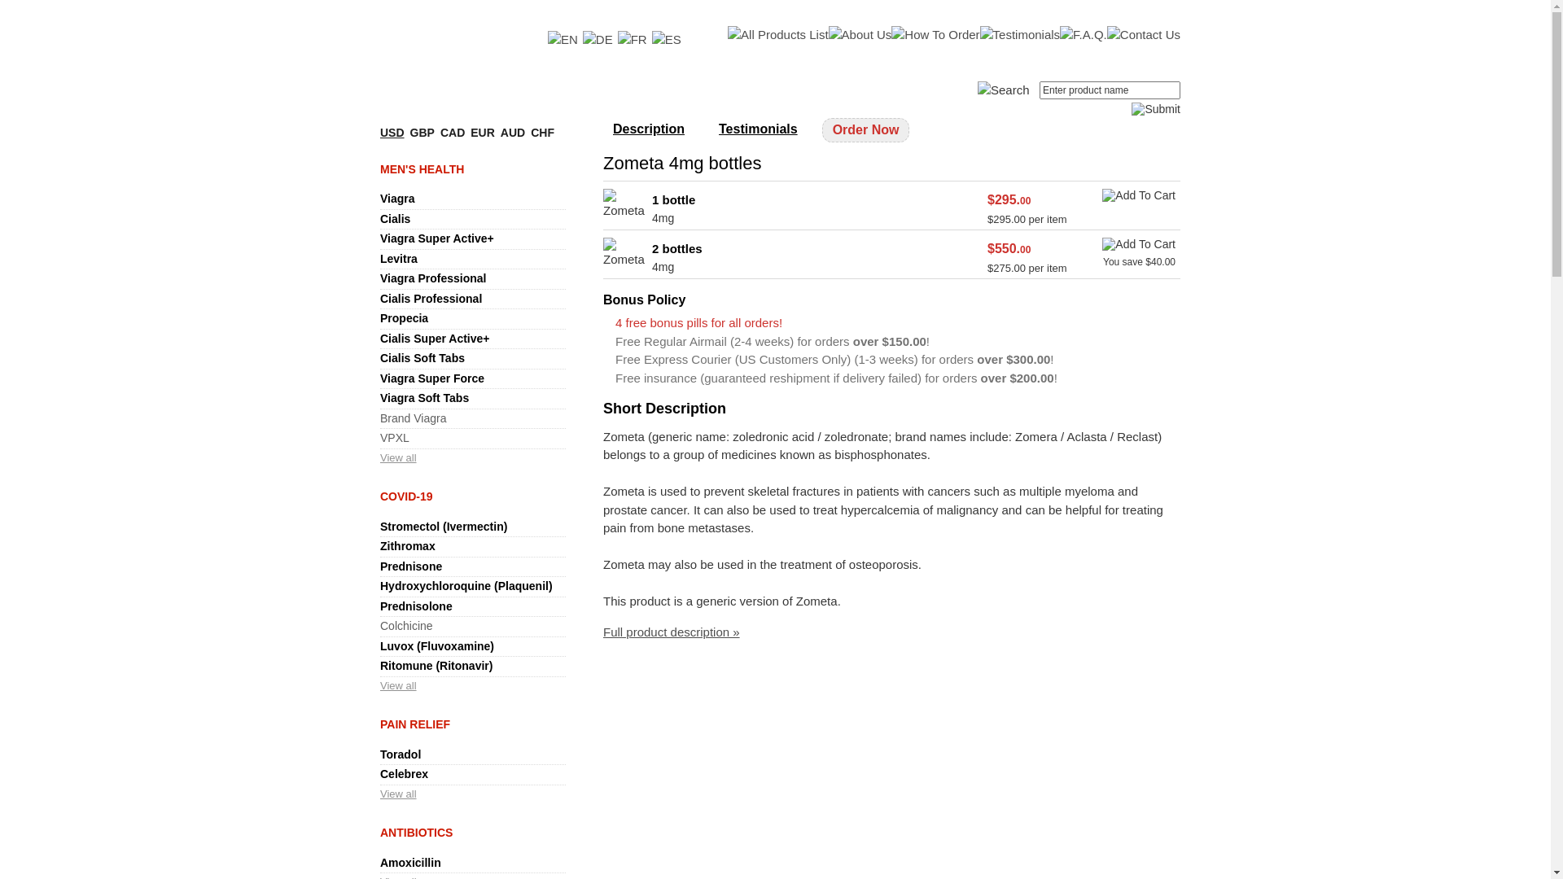 The width and height of the screenshot is (1563, 879). What do you see at coordinates (582, 39) in the screenshot?
I see `'Deutsch'` at bounding box center [582, 39].